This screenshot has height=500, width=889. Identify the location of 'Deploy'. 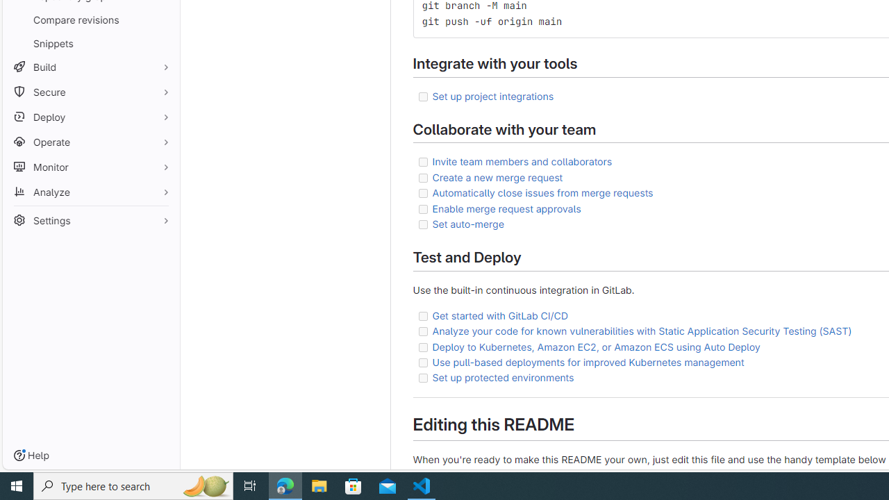
(90, 116).